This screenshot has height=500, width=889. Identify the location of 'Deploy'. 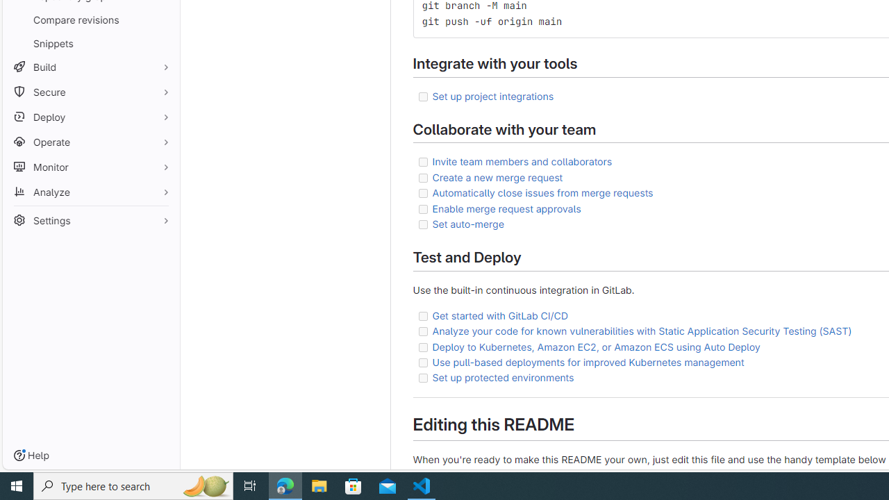
(90, 116).